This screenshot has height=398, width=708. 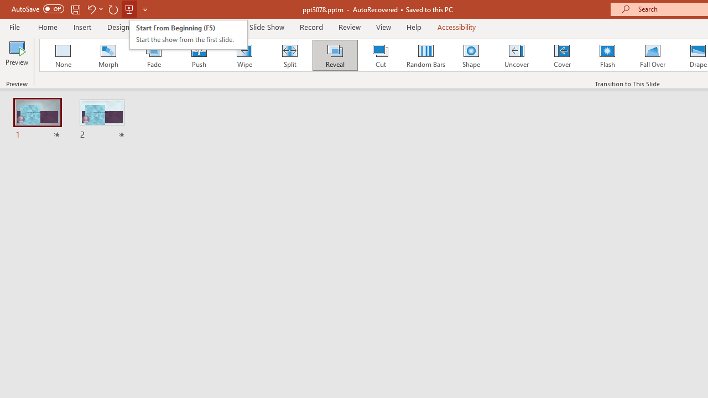 What do you see at coordinates (243, 55) in the screenshot?
I see `'Wipe'` at bounding box center [243, 55].